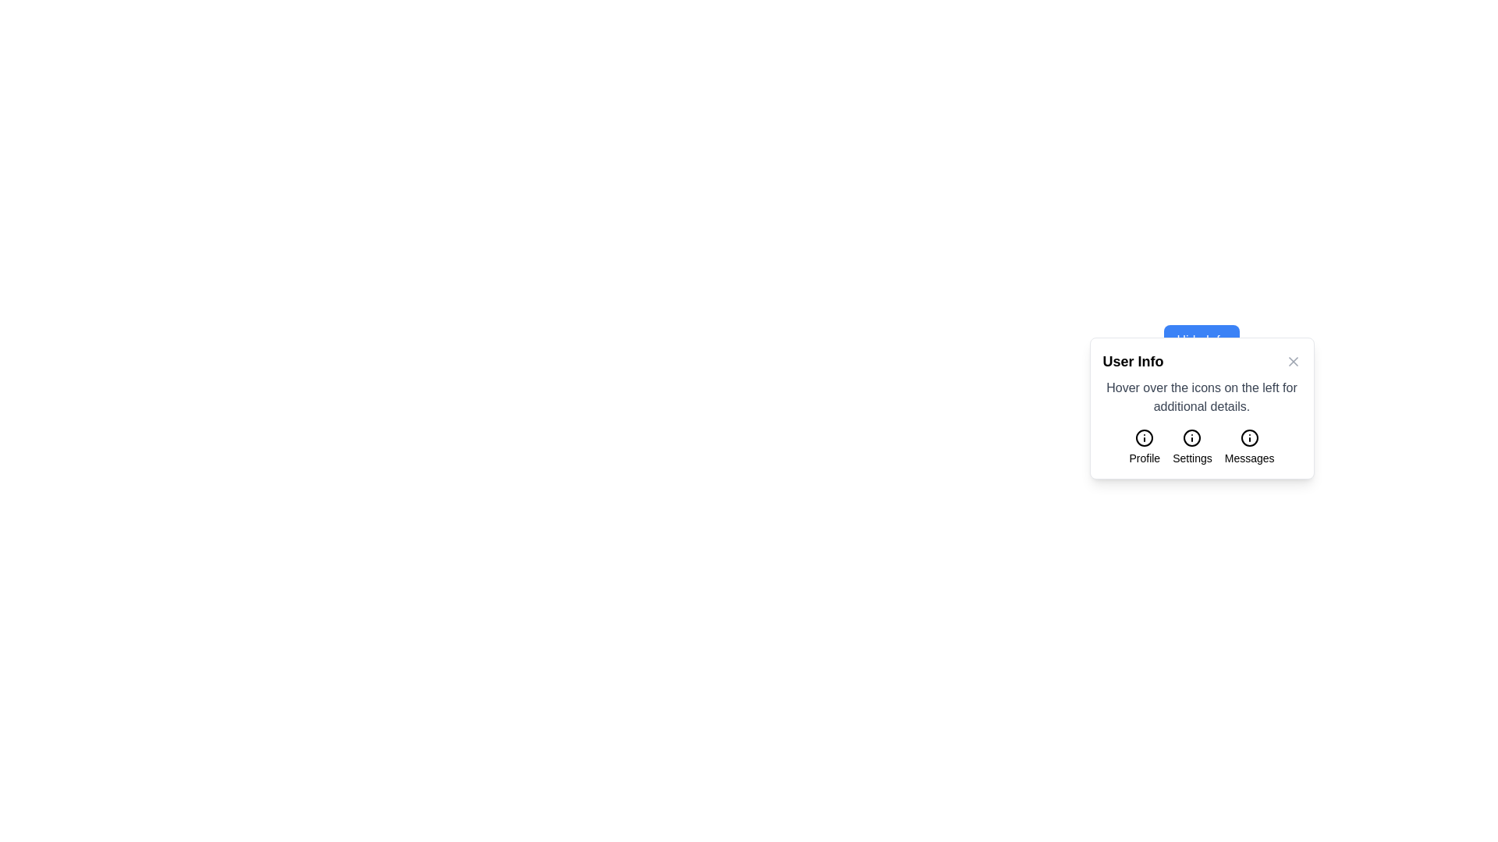 Image resolution: width=1498 pixels, height=842 pixels. What do you see at coordinates (1191, 448) in the screenshot?
I see `the 'Settings' button, which is a vertically arranged component with a circular icon containing an 'i' symbol above the text label 'Settings', positioned between the 'Profile' and 'Messages' elements in a central popup card` at bounding box center [1191, 448].